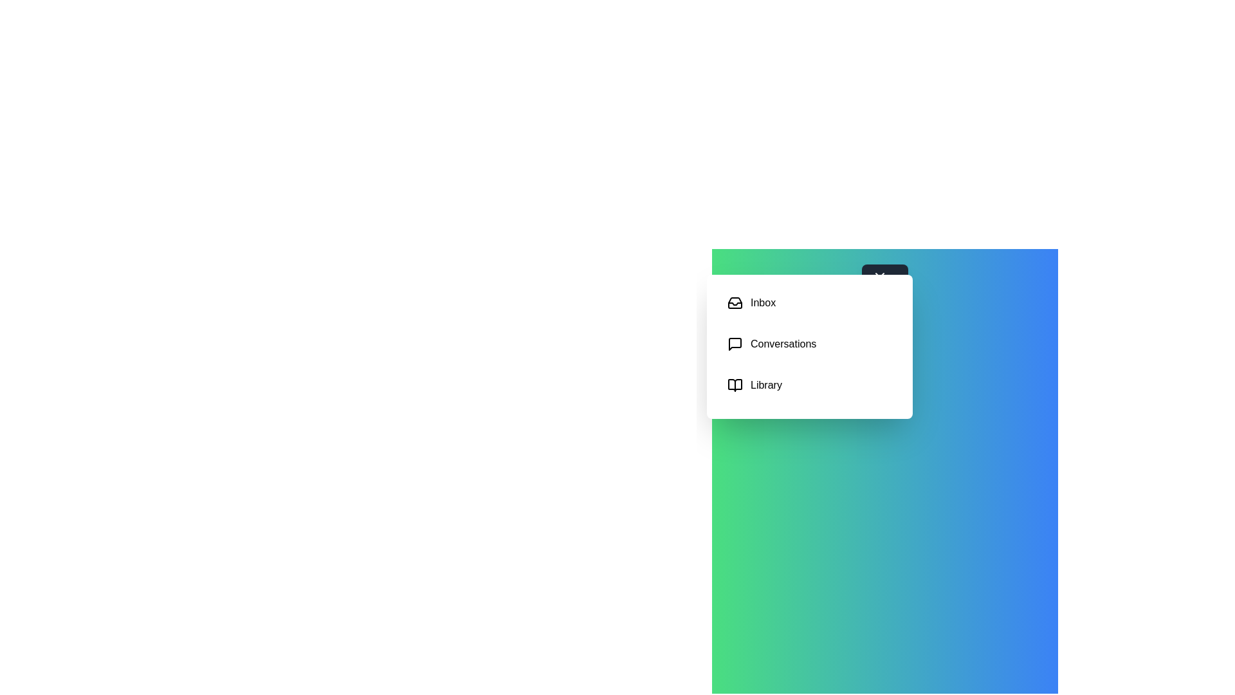 The height and width of the screenshot is (695, 1235). What do you see at coordinates (809, 384) in the screenshot?
I see `the category Library to observe the hover effect` at bounding box center [809, 384].